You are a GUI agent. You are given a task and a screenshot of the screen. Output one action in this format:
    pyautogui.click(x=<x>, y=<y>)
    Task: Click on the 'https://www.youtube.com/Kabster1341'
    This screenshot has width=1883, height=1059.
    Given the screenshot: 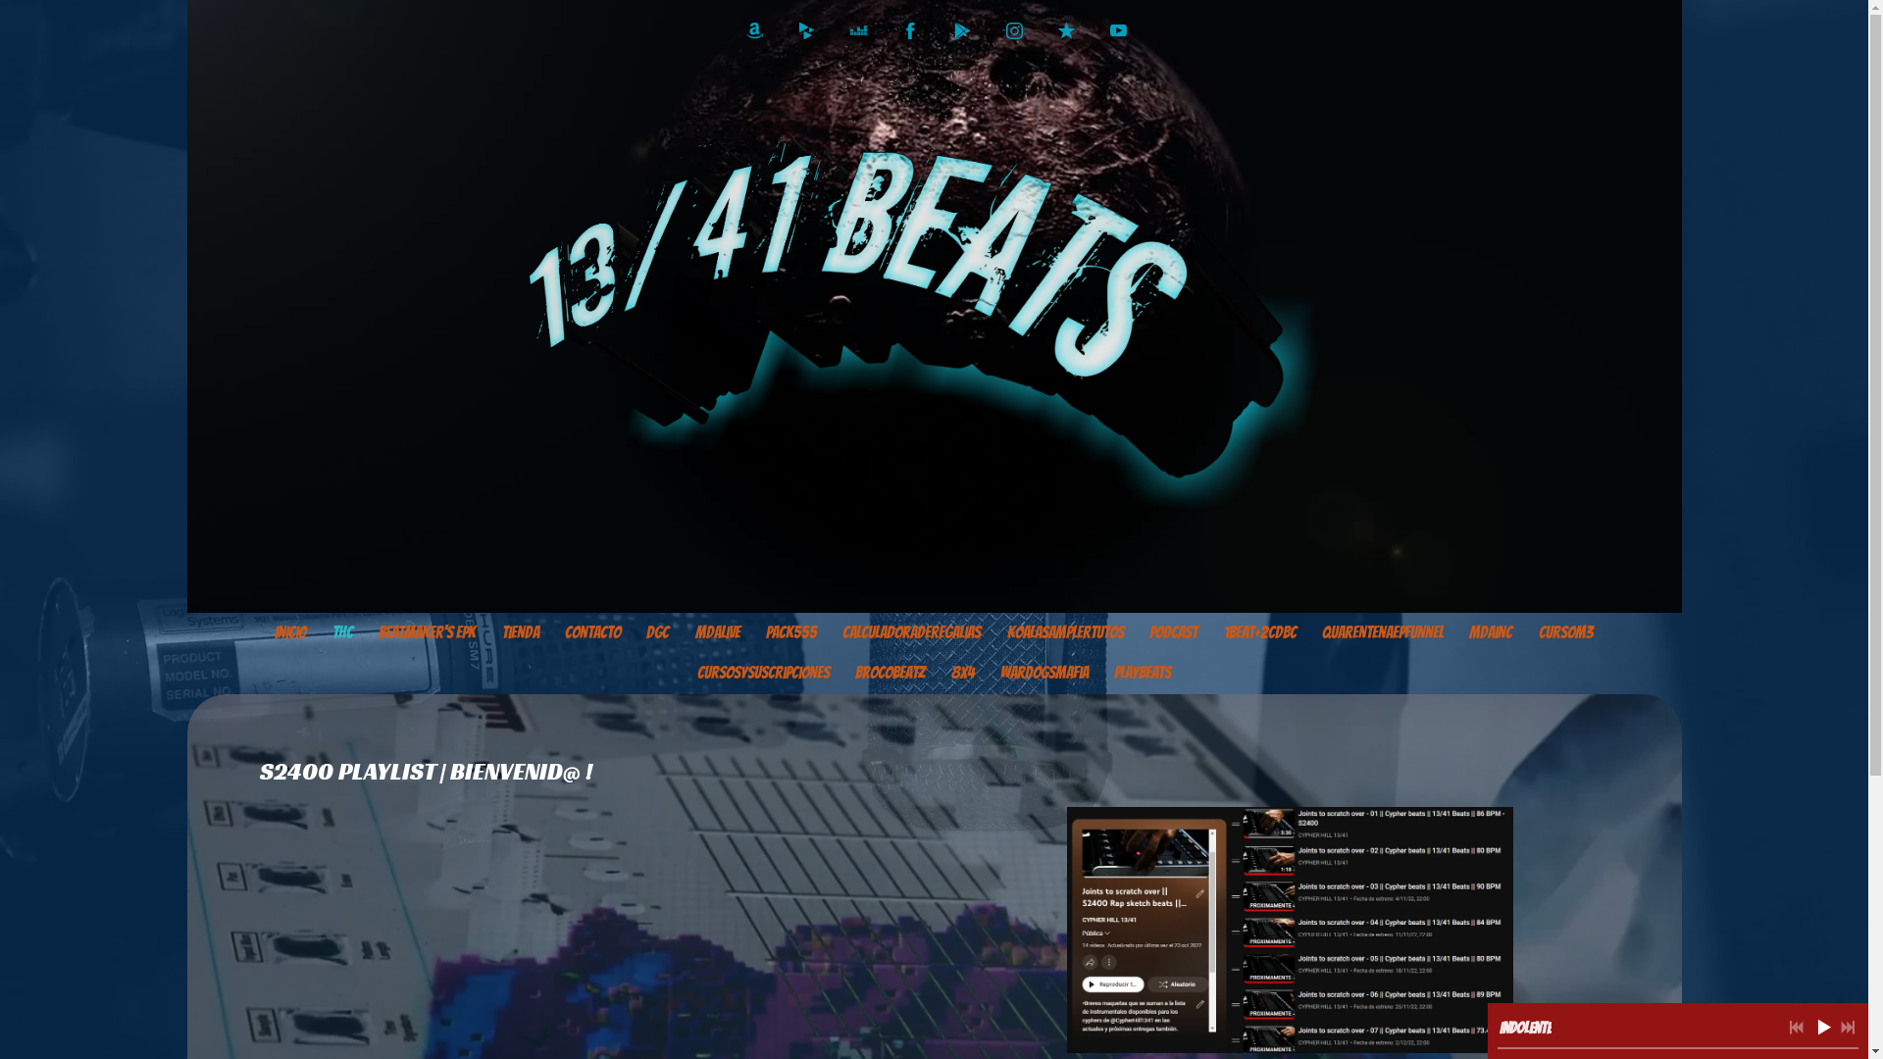 What is the action you would take?
    pyautogui.click(x=1118, y=30)
    